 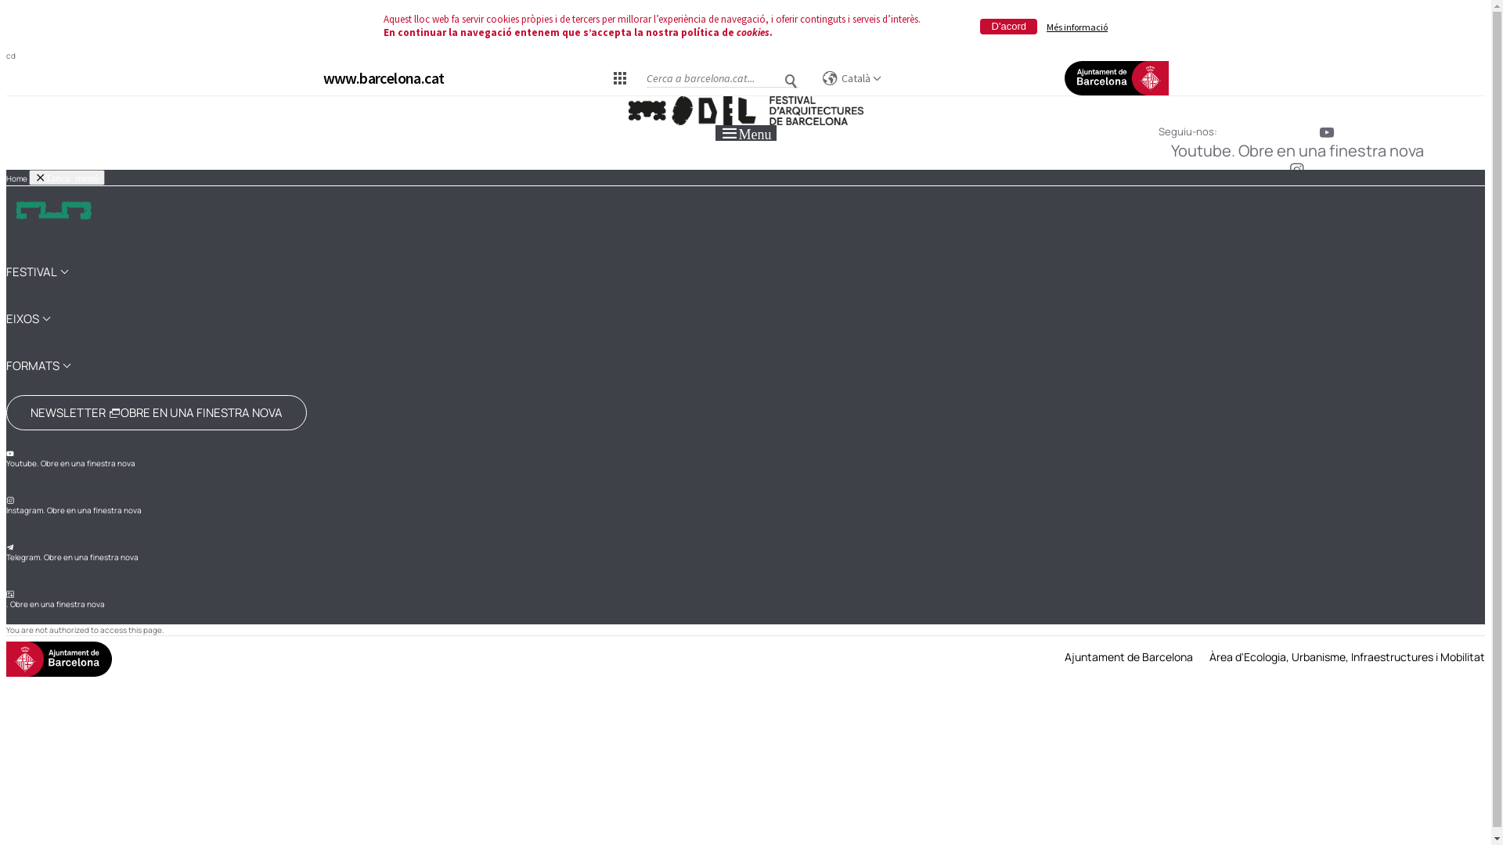 I want to click on 'Telegram. Obre en una finestra nova', so click(x=6, y=552).